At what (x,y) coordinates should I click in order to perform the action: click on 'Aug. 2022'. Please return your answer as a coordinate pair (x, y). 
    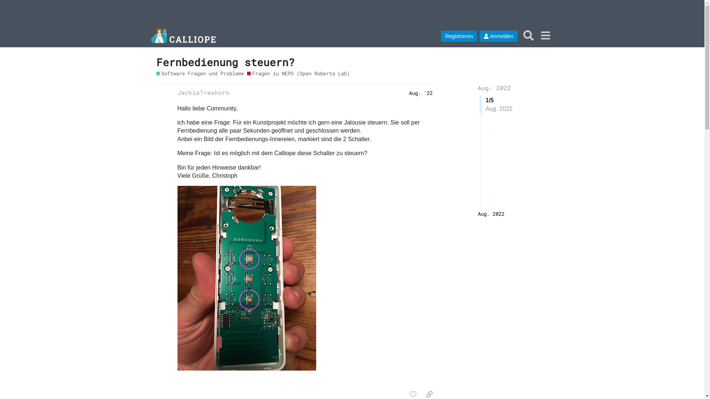
    Looking at the image, I should click on (491, 214).